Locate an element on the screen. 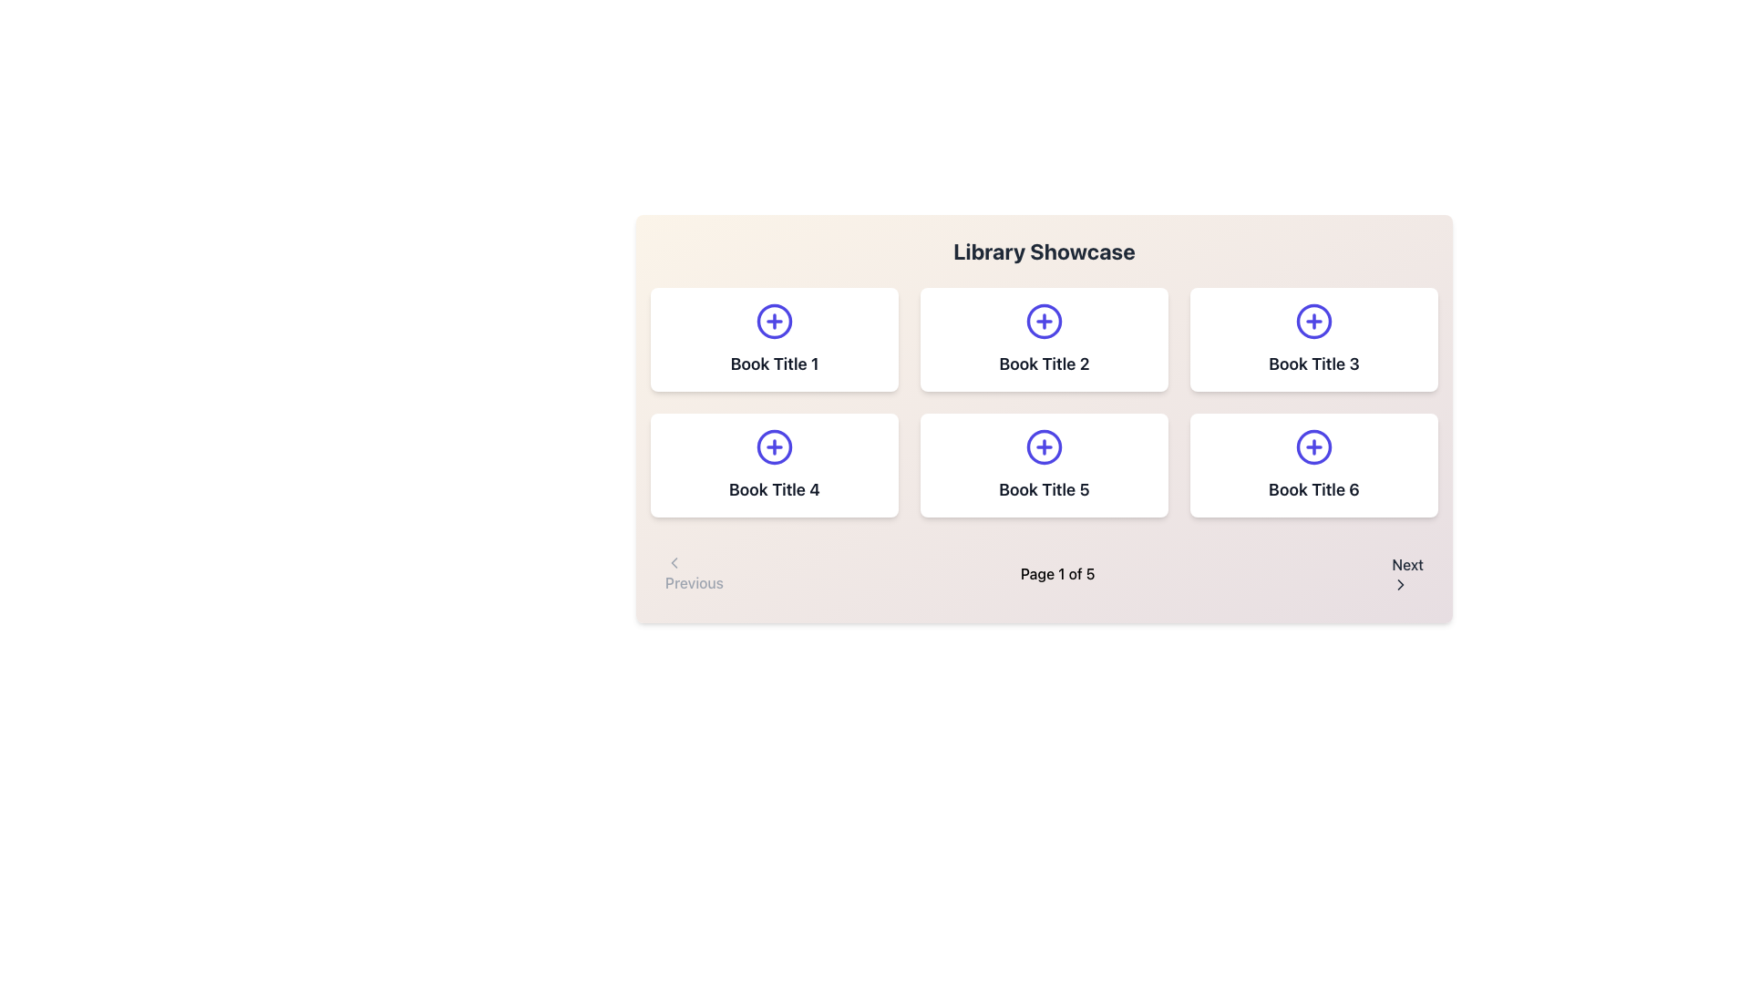  the progression icon located within the 'Next' button at the bottom-right corner of the interface to potentially display a tooltip is located at coordinates (1400, 584).